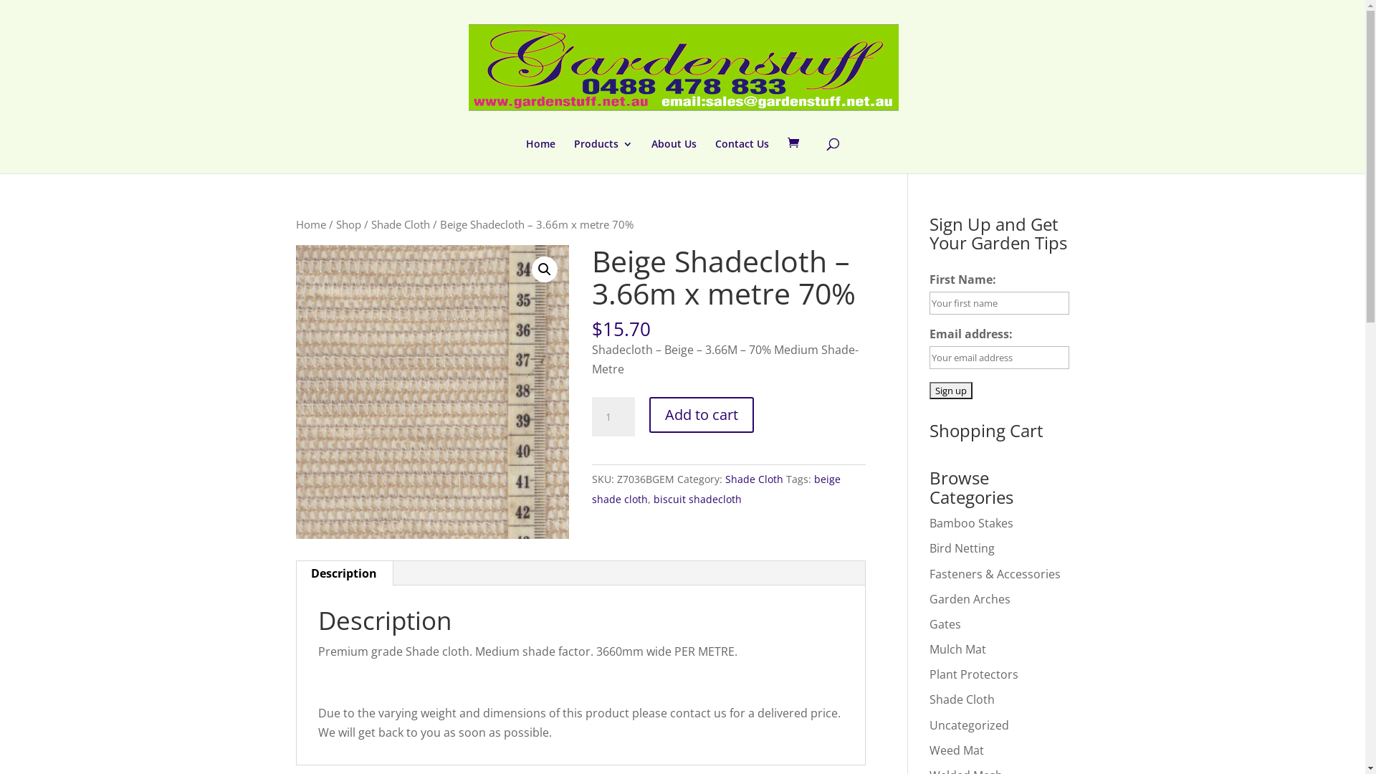 This screenshot has width=1376, height=774. Describe the element at coordinates (344, 572) in the screenshot. I see `'Description'` at that location.